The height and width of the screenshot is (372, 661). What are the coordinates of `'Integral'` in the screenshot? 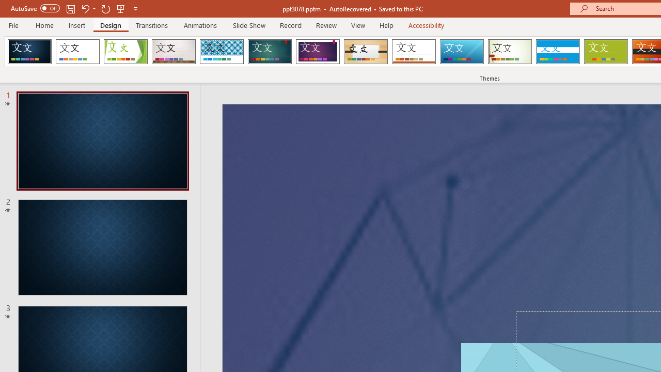 It's located at (221, 52).